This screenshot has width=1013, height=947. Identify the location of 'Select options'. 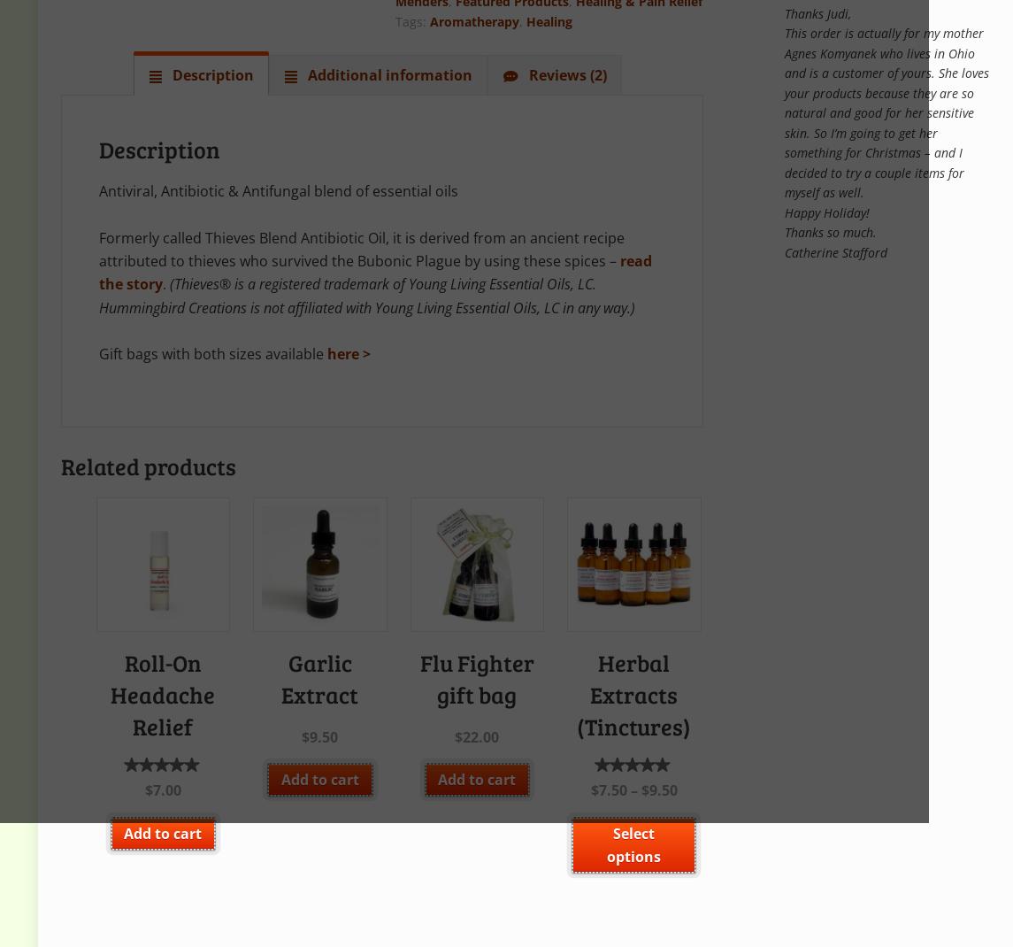
(633, 843).